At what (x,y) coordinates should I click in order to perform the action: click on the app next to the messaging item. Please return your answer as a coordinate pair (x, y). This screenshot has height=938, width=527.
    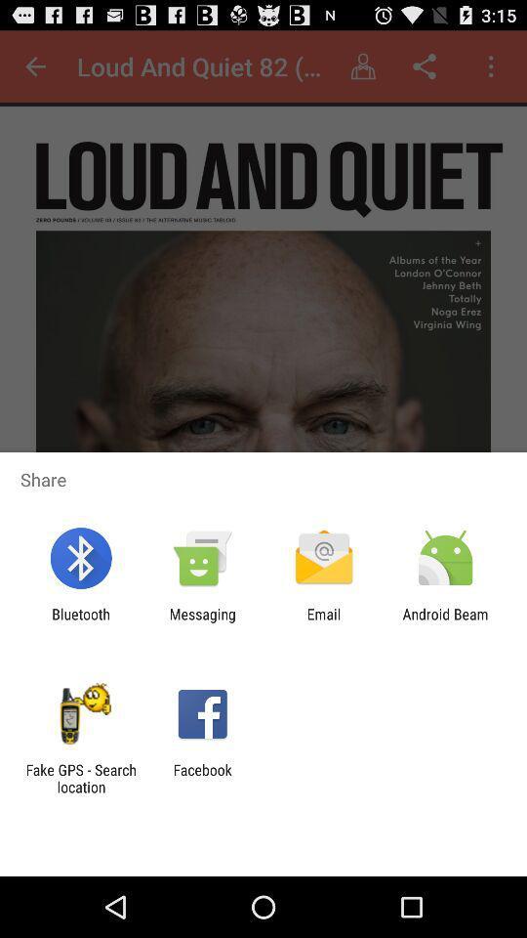
    Looking at the image, I should click on (80, 621).